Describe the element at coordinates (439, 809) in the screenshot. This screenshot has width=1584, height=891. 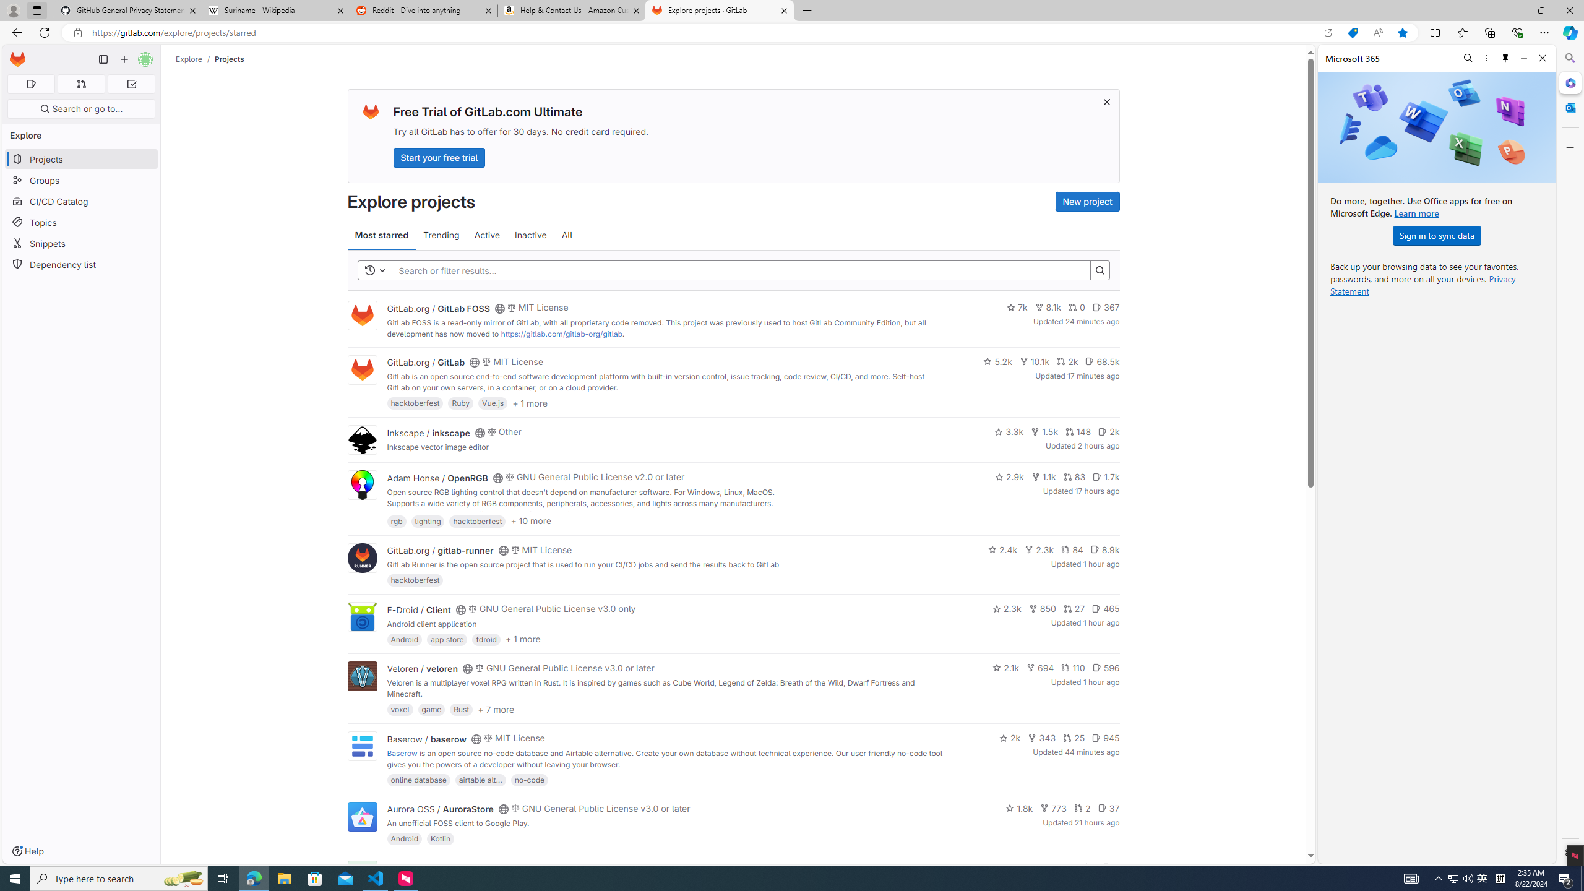
I see `'Aurora OSS / AuroraStore'` at that location.